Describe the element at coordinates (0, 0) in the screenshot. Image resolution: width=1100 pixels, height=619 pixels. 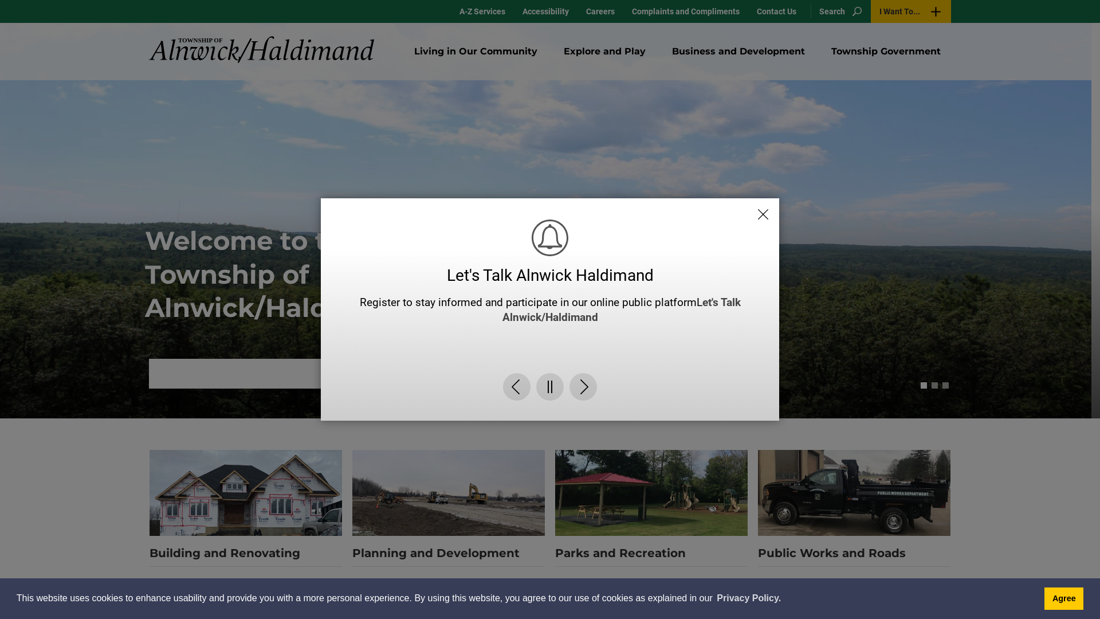
I see `'Skip to Content'` at that location.